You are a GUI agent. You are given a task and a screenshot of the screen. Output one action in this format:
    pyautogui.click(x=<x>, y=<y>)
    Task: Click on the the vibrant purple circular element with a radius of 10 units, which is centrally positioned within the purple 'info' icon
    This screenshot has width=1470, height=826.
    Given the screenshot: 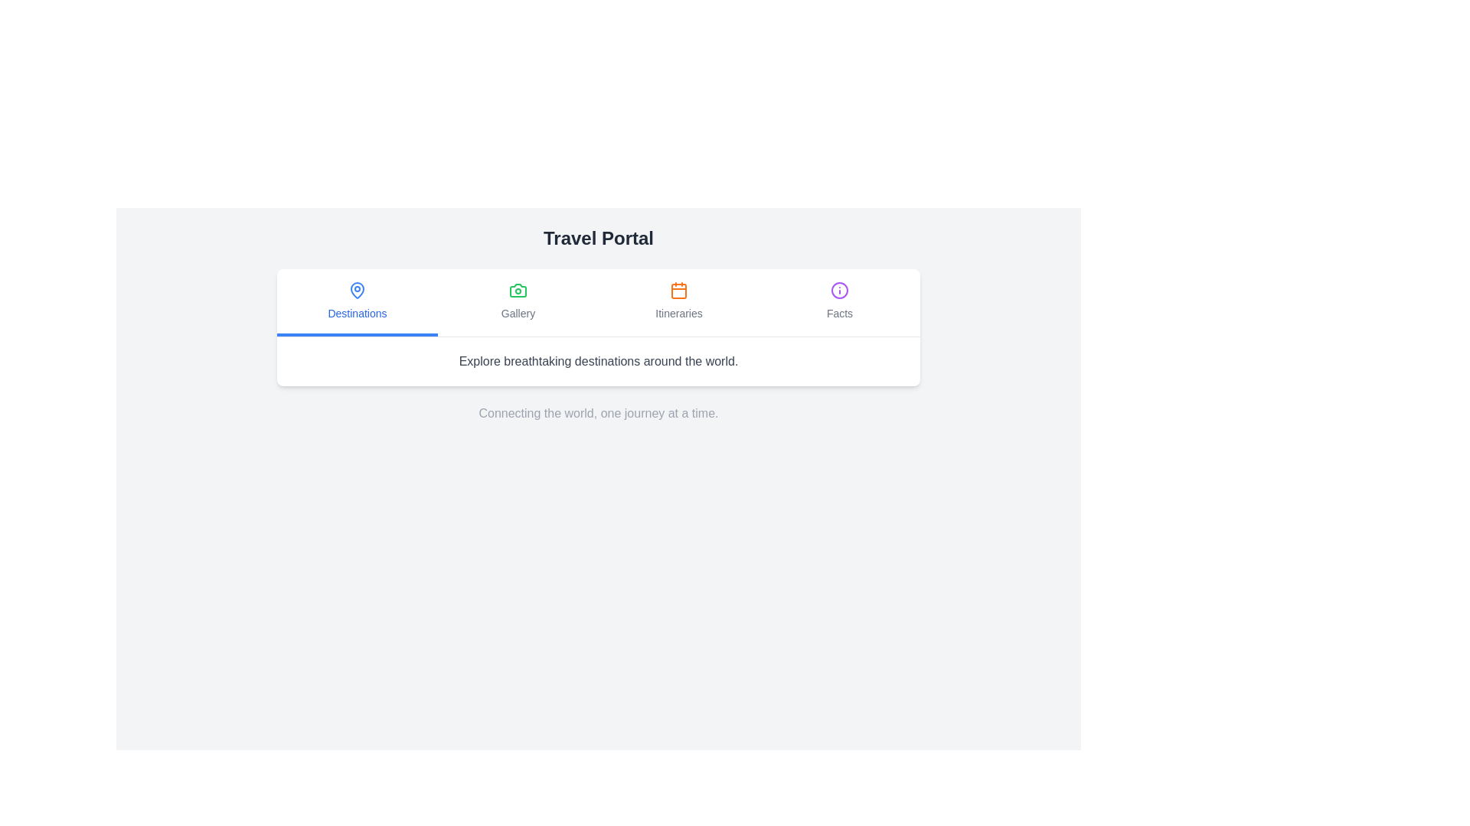 What is the action you would take?
    pyautogui.click(x=839, y=291)
    